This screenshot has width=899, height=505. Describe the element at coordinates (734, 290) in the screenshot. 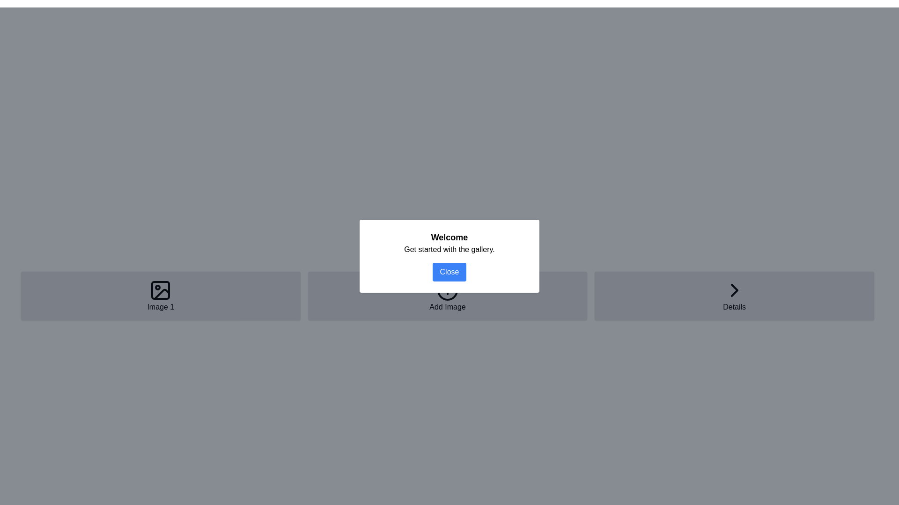

I see `the icon located in the rightmost card, which serves as an indicator for the 'Details' section, to uncover tooltips` at that location.